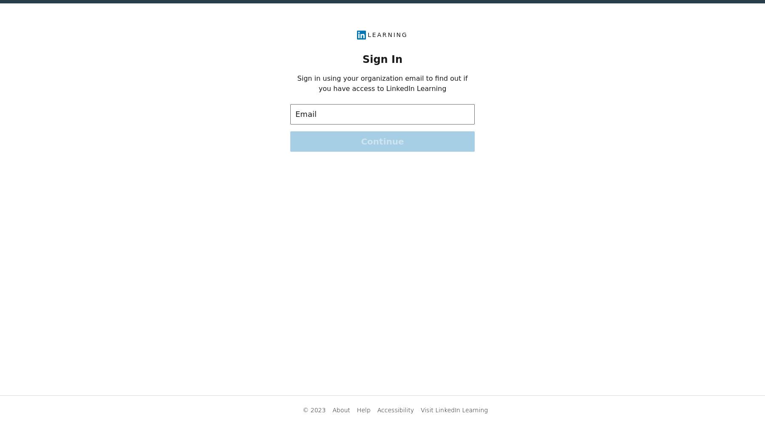 The height and width of the screenshot is (425, 765). I want to click on '© 2023', so click(314, 410).